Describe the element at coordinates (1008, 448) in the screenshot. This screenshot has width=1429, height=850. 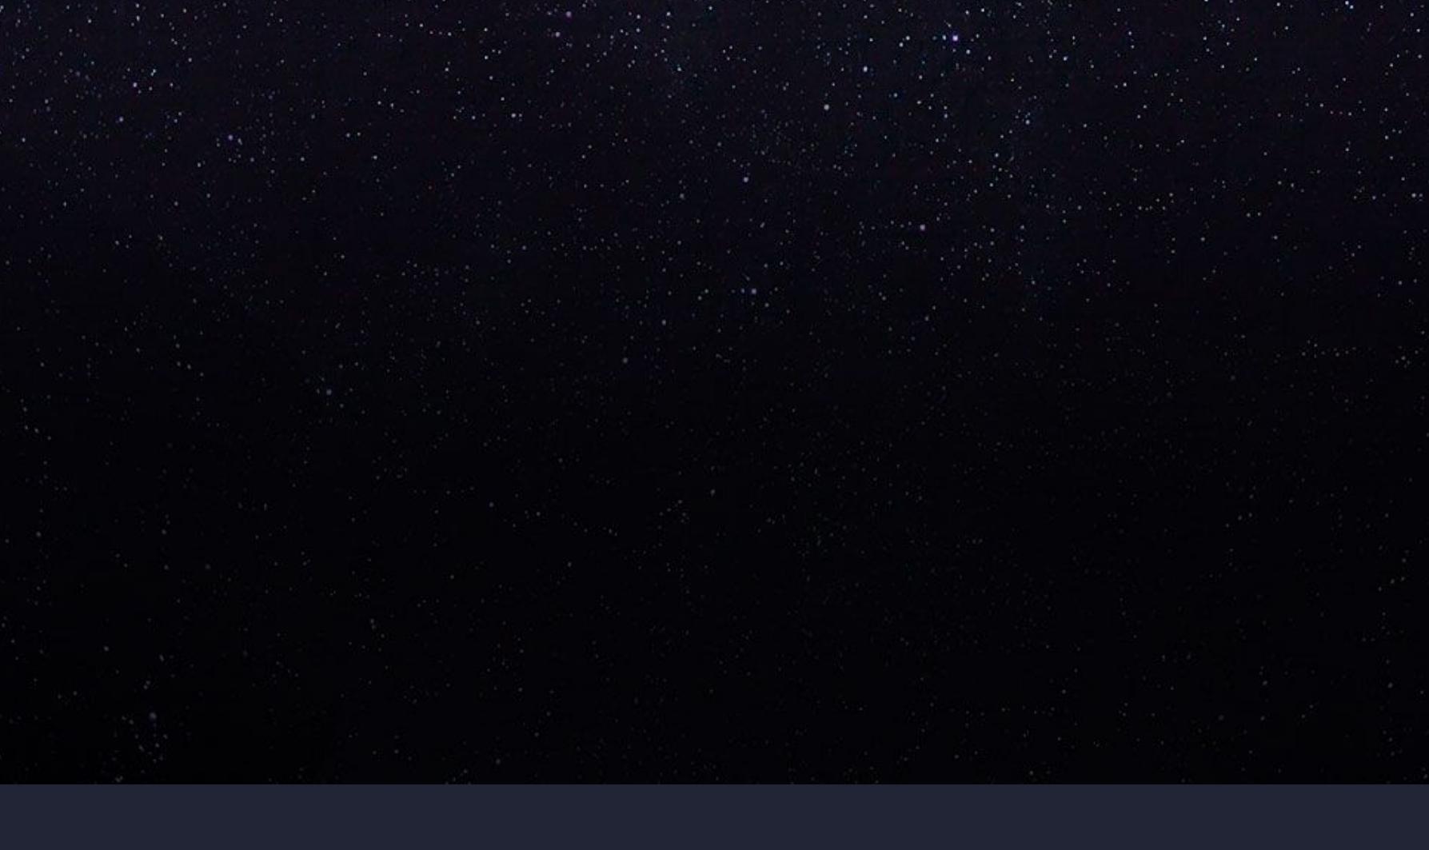
I see `'Labor Management'` at that location.